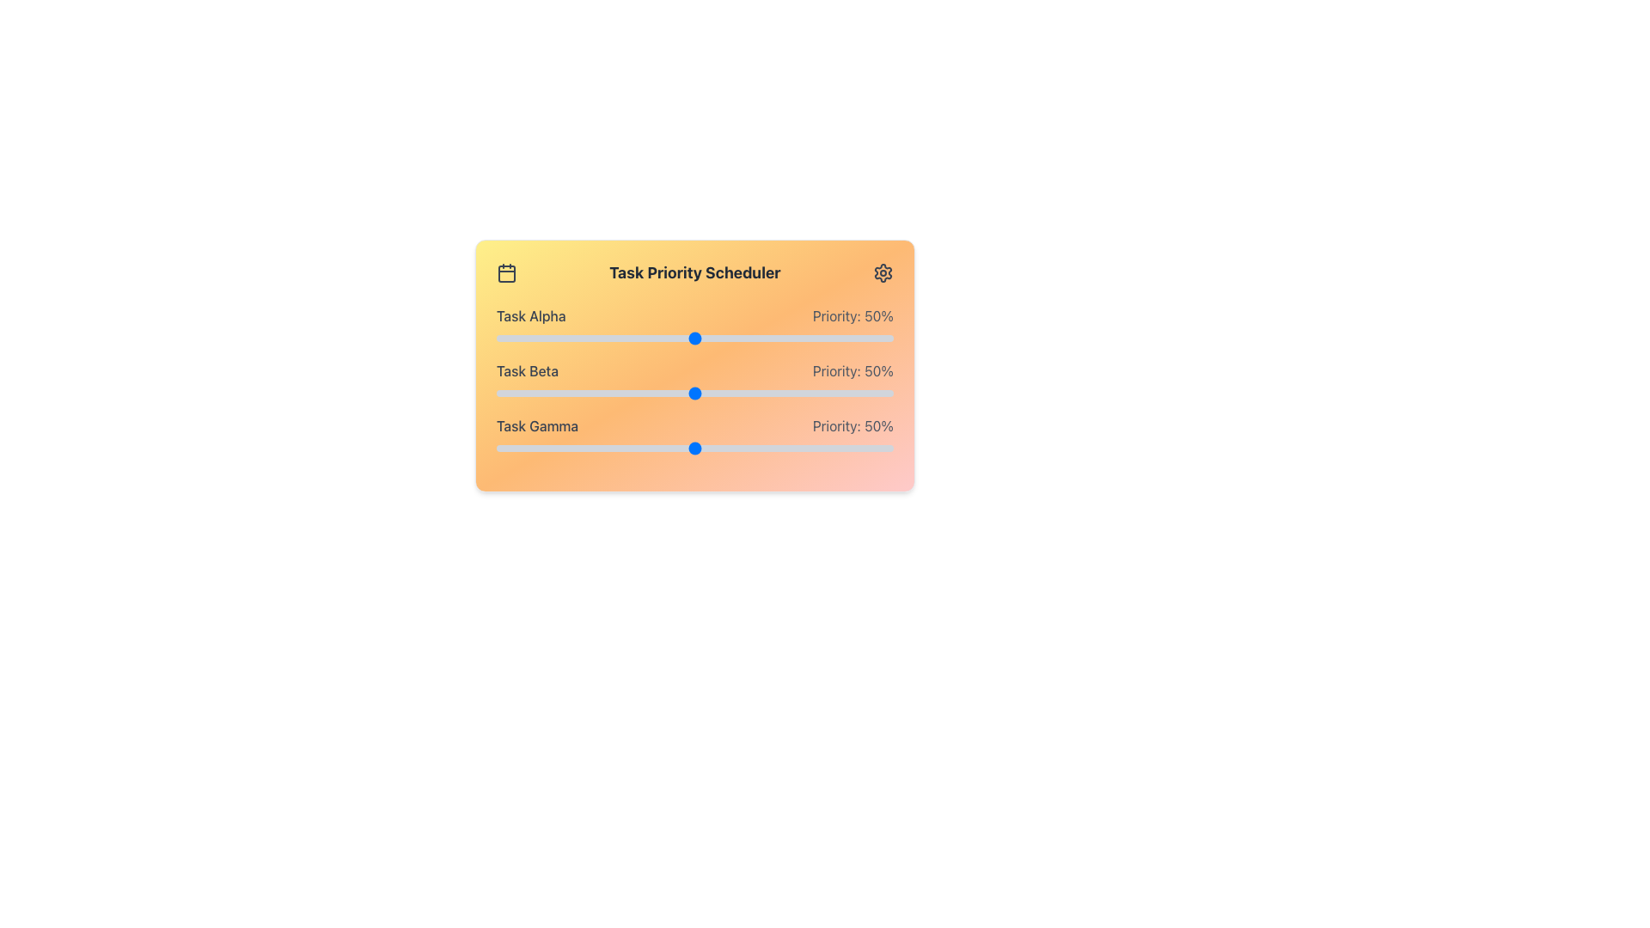 This screenshot has height=928, width=1650. I want to click on the priority of Task Beta, so click(600, 394).